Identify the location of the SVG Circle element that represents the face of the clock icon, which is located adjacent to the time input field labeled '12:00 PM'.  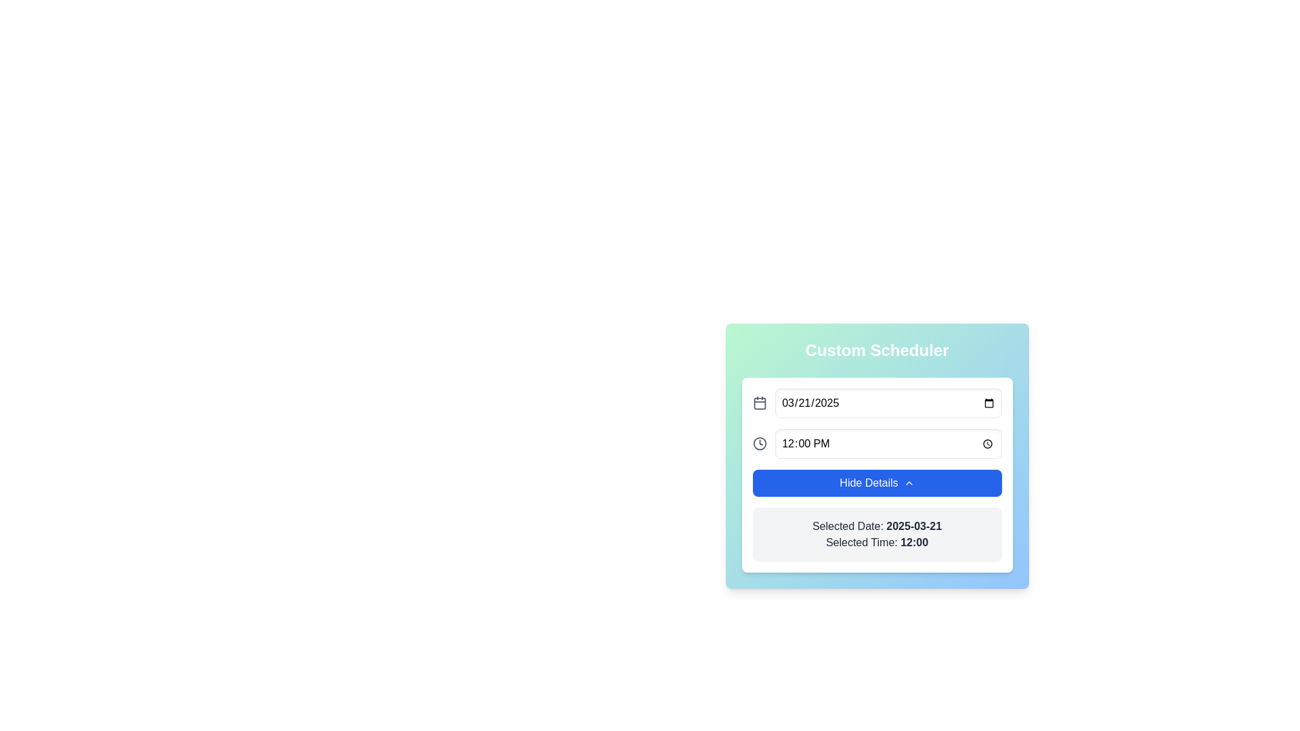
(760, 443).